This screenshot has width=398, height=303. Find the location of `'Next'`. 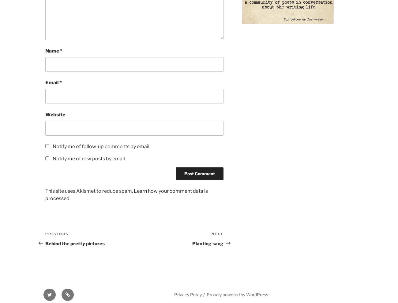

'Next' is located at coordinates (211, 234).